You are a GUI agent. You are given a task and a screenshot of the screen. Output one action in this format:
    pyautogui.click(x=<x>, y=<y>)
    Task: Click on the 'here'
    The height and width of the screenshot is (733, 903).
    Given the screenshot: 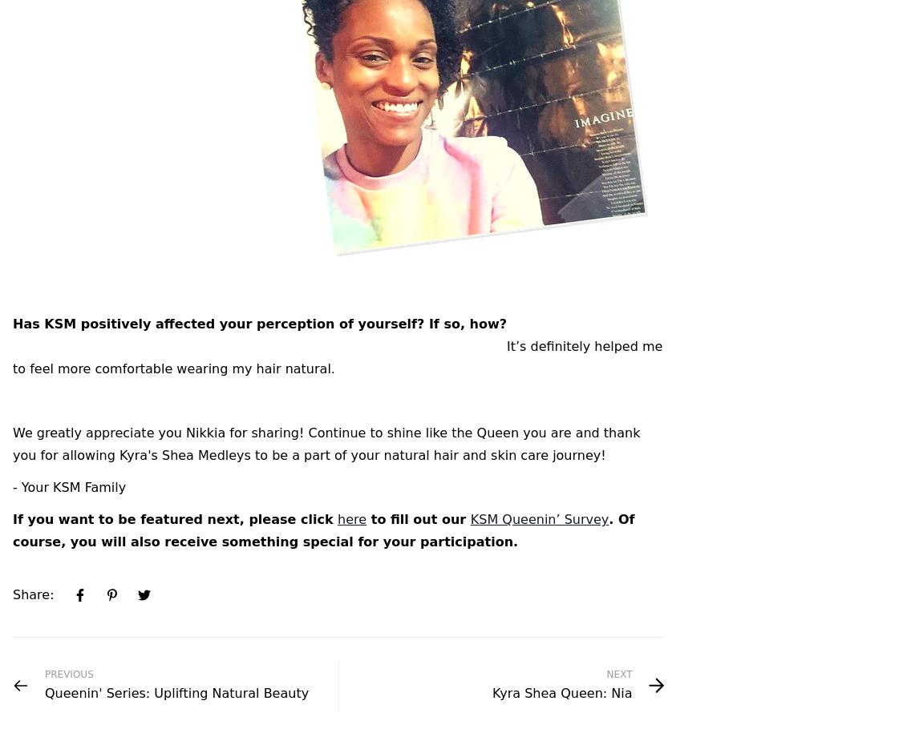 What is the action you would take?
    pyautogui.click(x=337, y=519)
    